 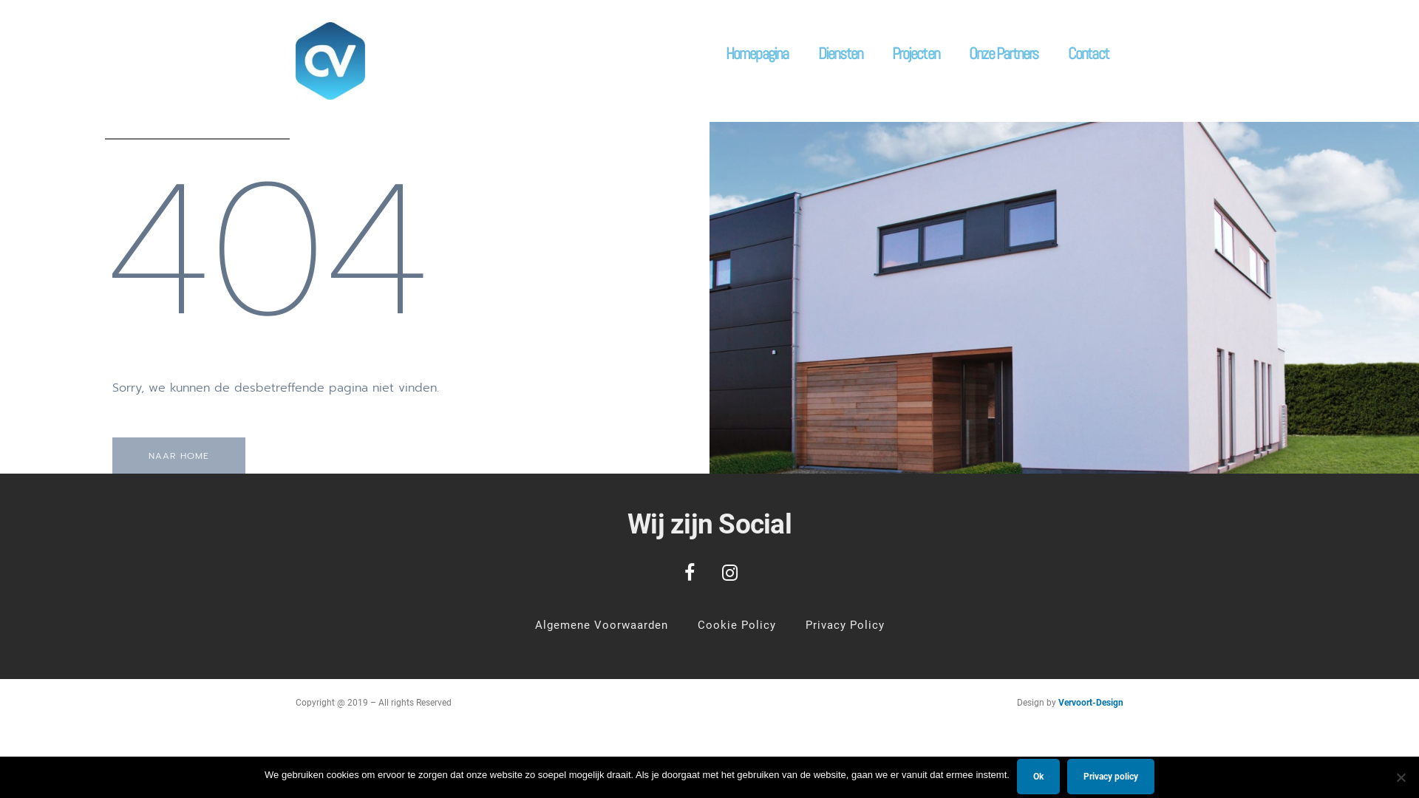 I want to click on 'Privacy policy', so click(x=1110, y=775).